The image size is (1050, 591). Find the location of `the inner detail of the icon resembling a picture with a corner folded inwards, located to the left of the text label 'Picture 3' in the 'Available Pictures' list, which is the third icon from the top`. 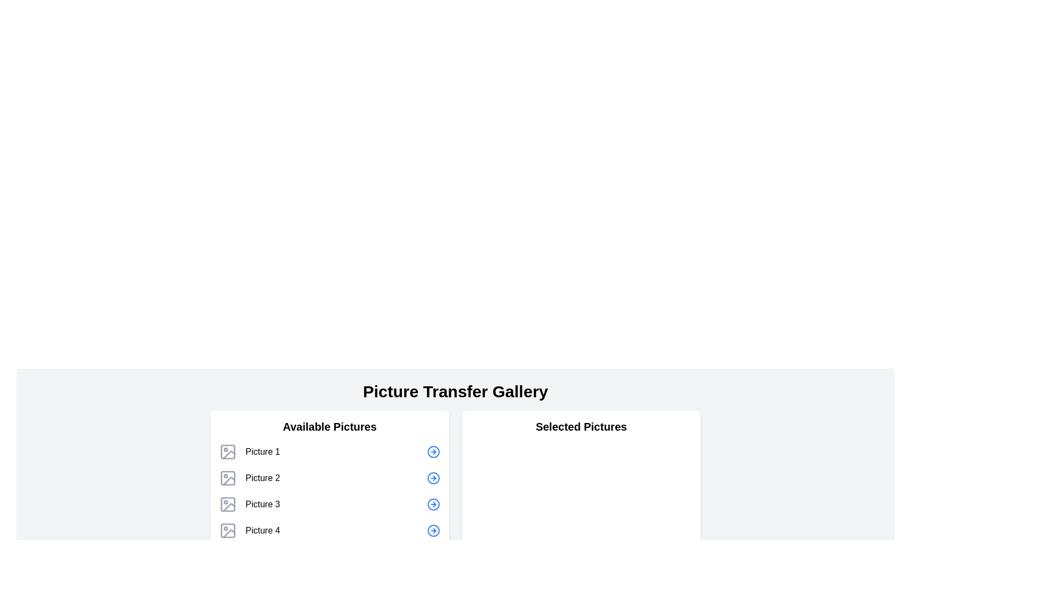

the inner detail of the icon resembling a picture with a corner folded inwards, located to the left of the text label 'Picture 3' in the 'Available Pictures' list, which is the third icon from the top is located at coordinates (228, 507).